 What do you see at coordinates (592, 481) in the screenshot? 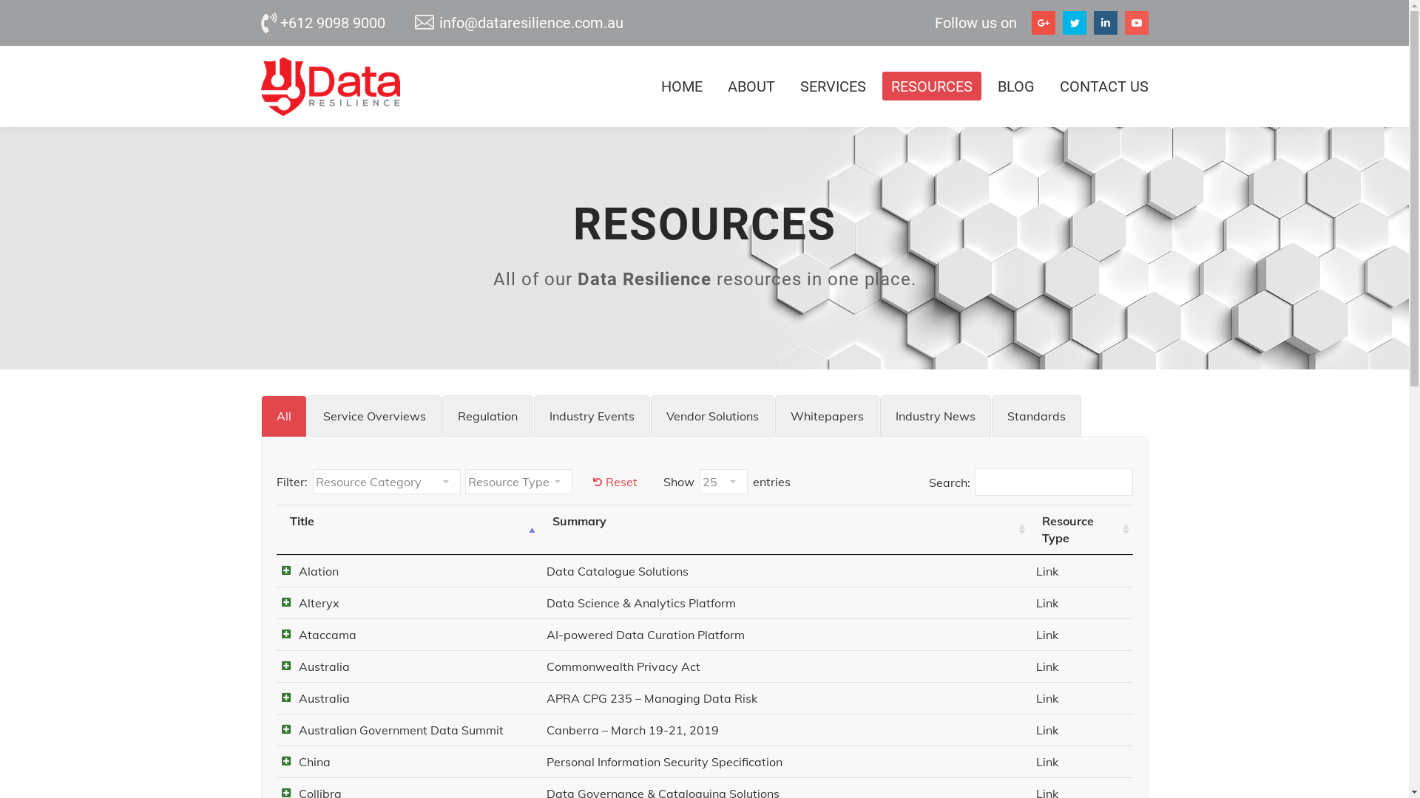
I see `'Reset'` at bounding box center [592, 481].